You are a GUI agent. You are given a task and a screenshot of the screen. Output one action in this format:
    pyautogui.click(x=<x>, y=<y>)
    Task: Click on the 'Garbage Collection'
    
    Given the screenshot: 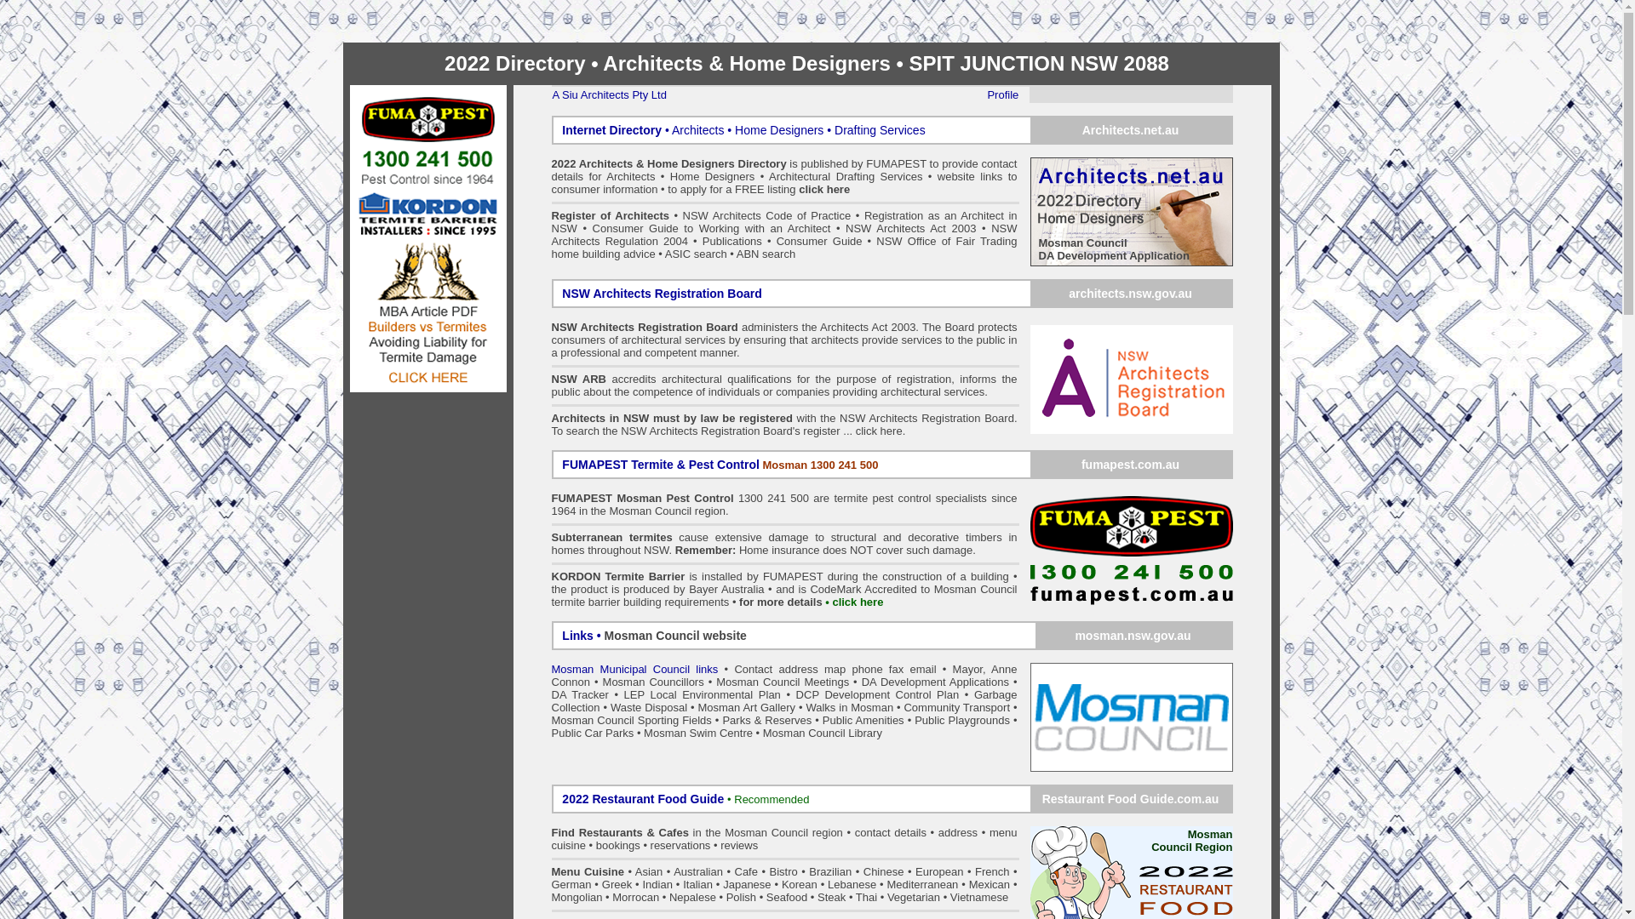 What is the action you would take?
    pyautogui.click(x=783, y=701)
    